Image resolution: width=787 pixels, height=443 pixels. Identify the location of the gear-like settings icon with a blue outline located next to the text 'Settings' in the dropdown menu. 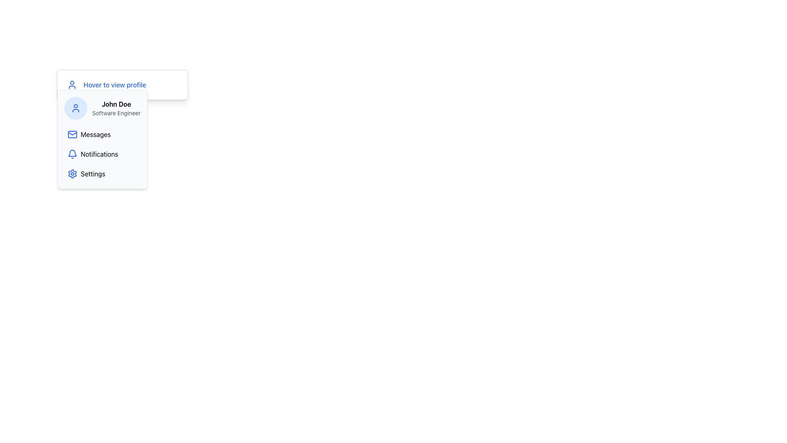
(73, 174).